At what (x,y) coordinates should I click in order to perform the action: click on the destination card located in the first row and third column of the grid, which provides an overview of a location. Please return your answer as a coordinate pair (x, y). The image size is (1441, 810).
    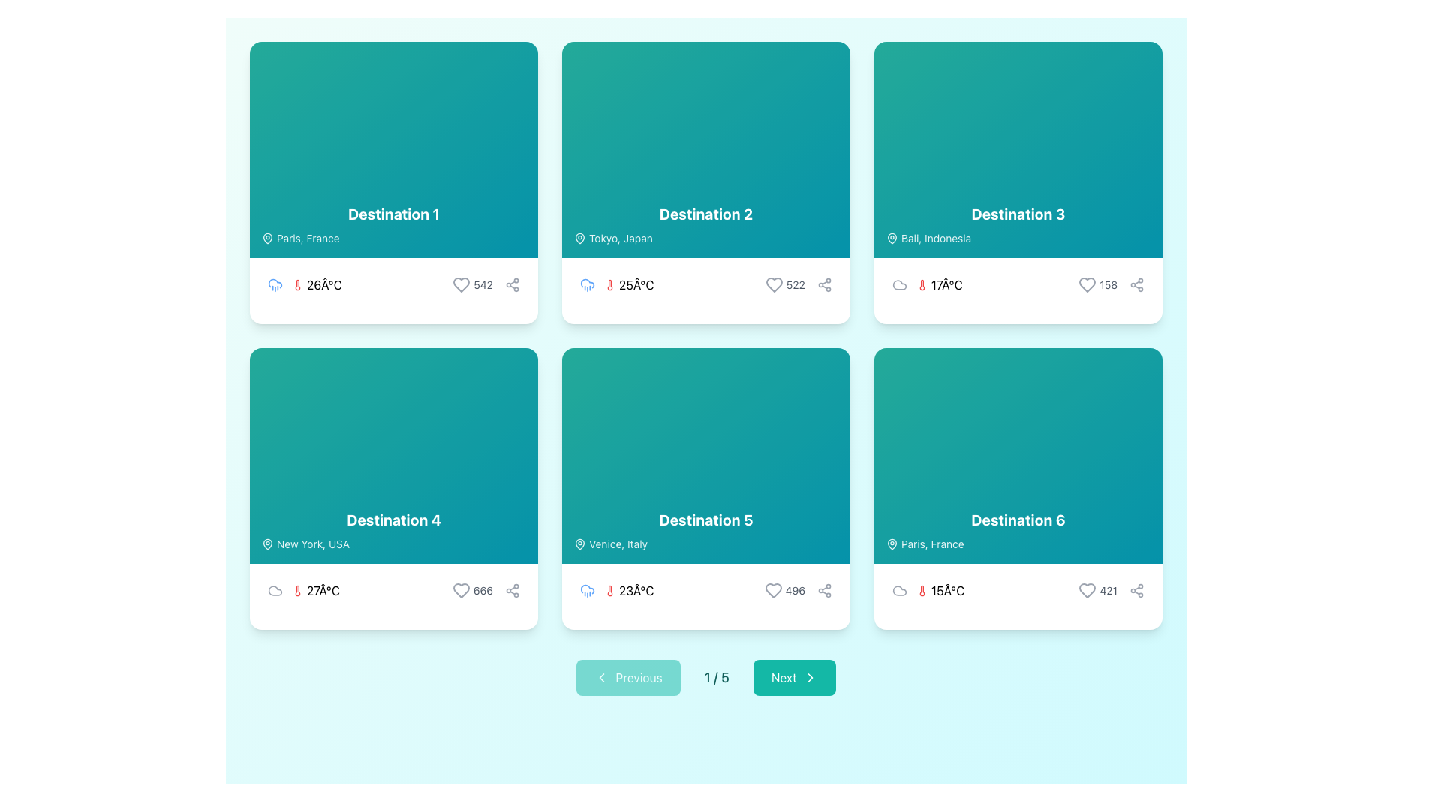
    Looking at the image, I should click on (1018, 150).